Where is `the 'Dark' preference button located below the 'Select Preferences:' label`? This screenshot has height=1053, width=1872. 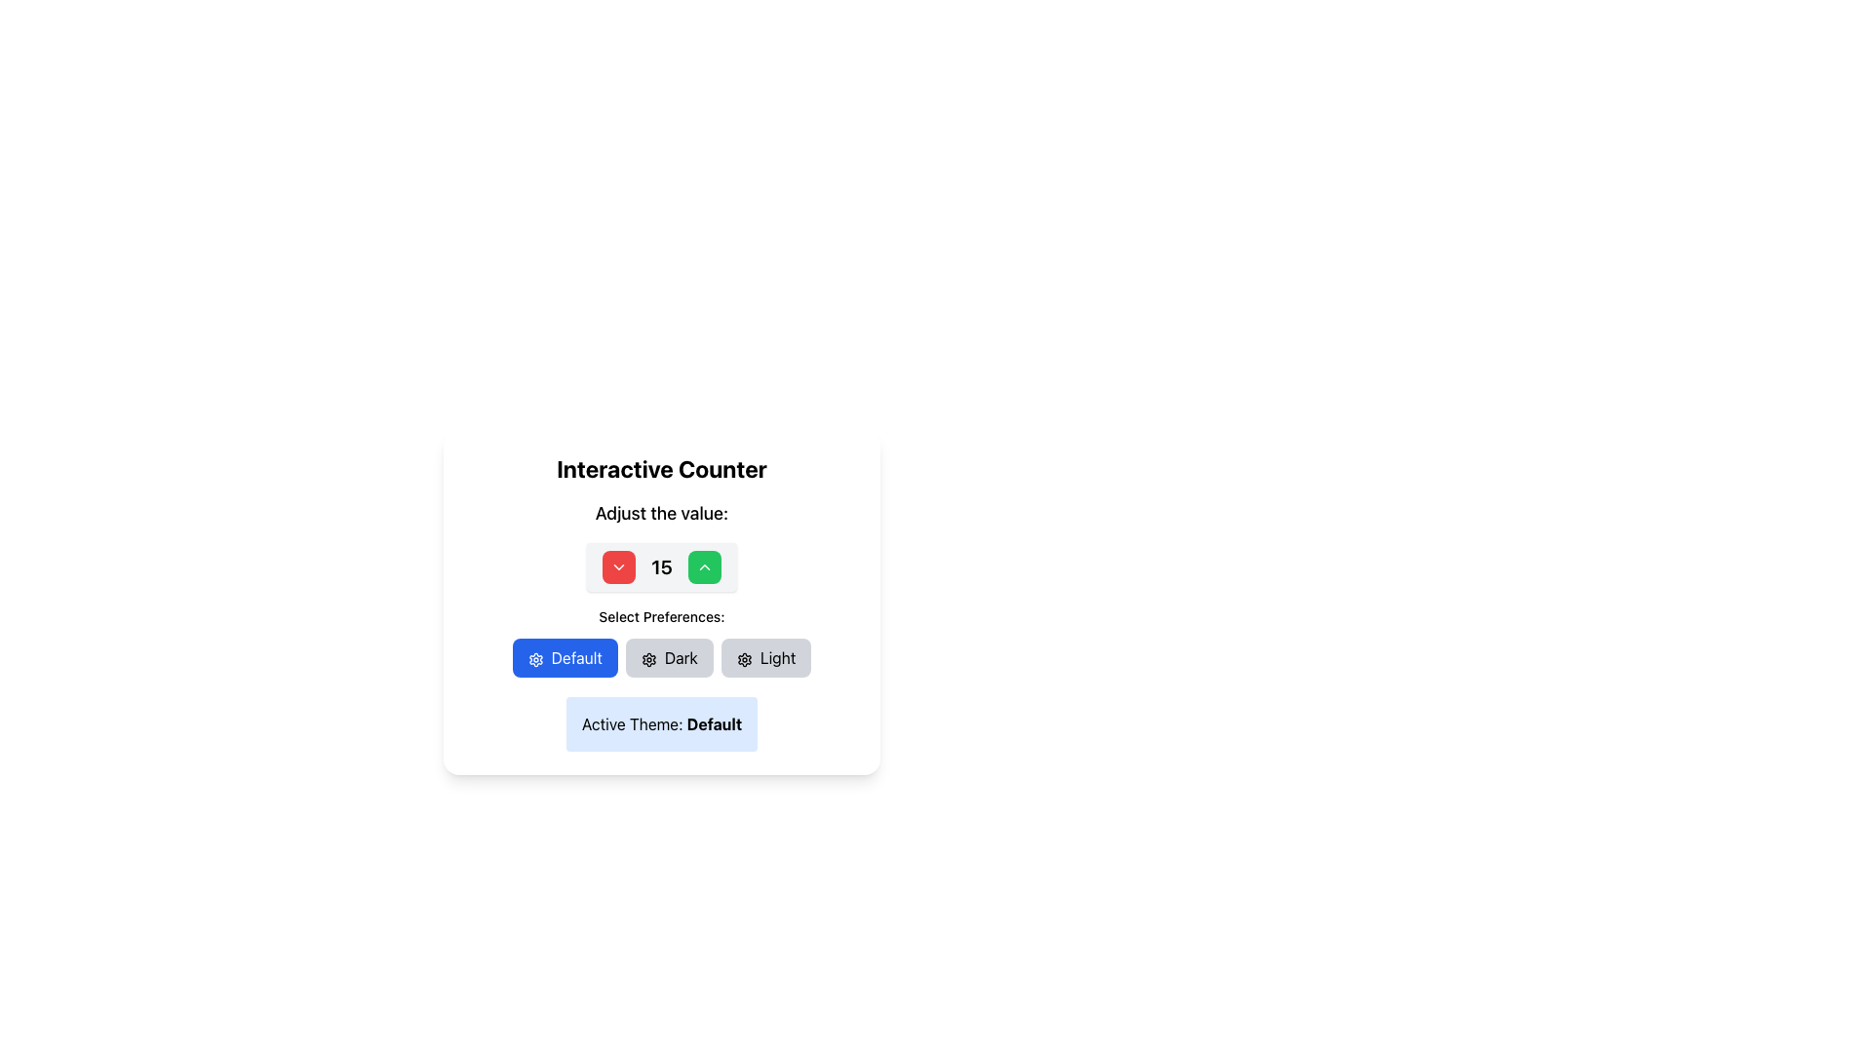
the 'Dark' preference button located below the 'Select Preferences:' label is located at coordinates (661, 658).